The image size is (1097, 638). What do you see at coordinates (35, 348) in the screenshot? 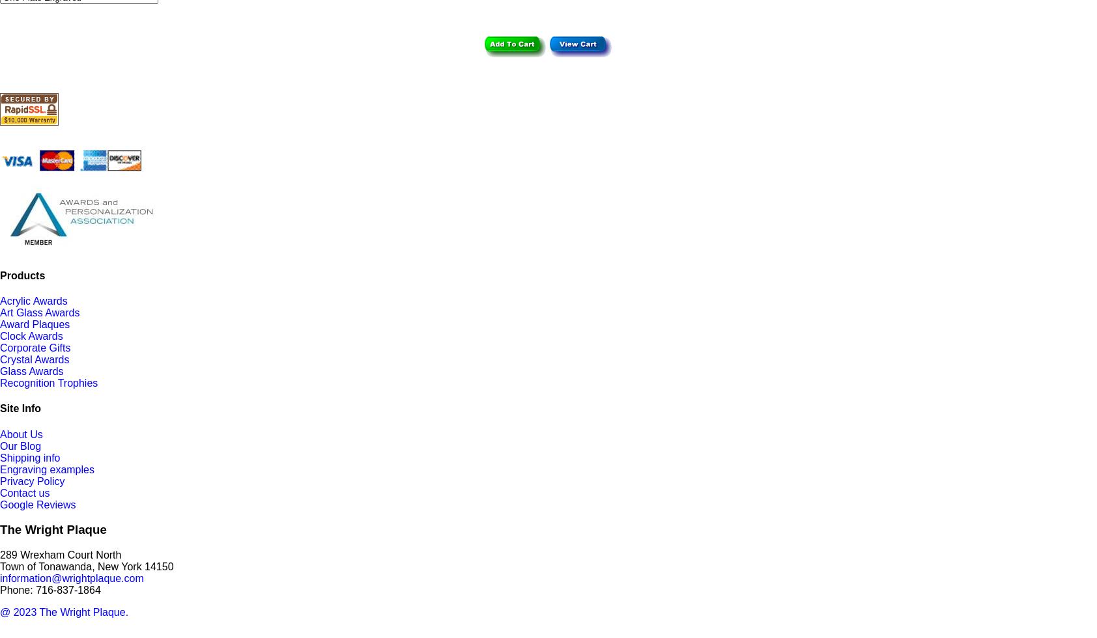
I see `'Corporate Gifts'` at bounding box center [35, 348].